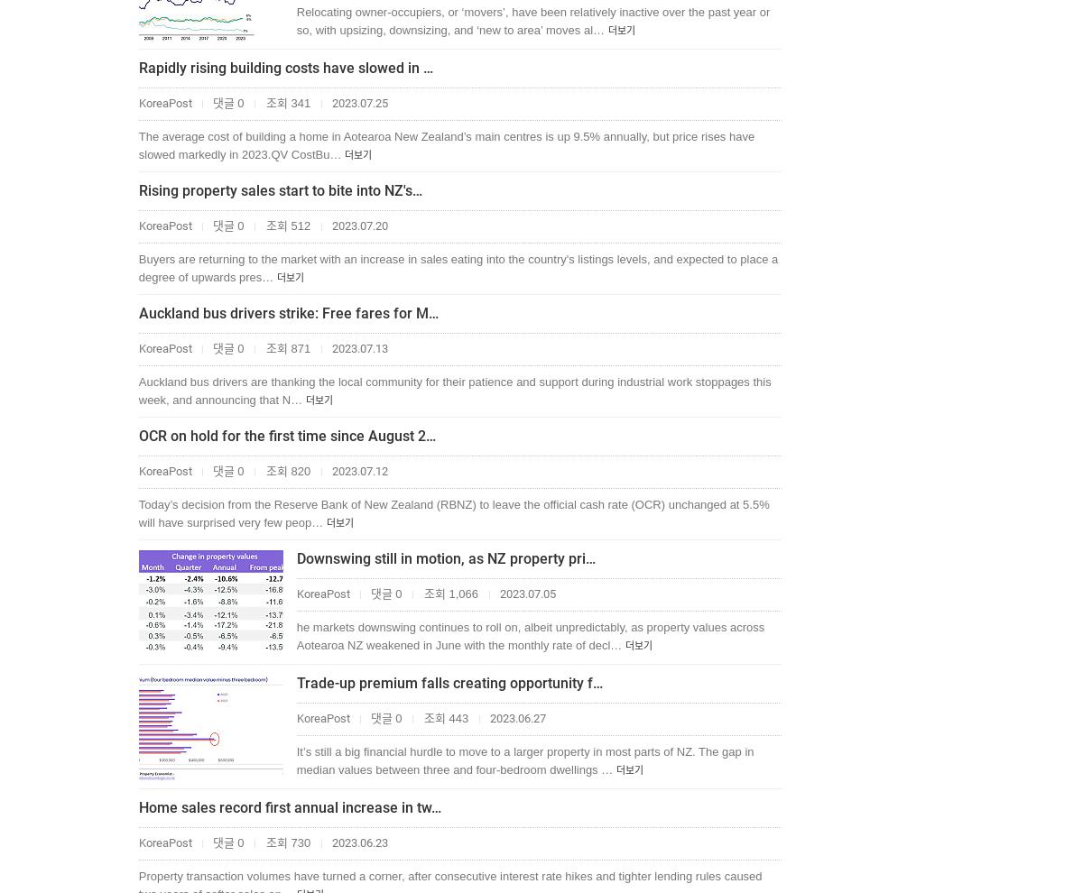 This screenshot has width=1083, height=893. What do you see at coordinates (289, 806) in the screenshot?
I see `'Home sales record first annual increase in tw…'` at bounding box center [289, 806].